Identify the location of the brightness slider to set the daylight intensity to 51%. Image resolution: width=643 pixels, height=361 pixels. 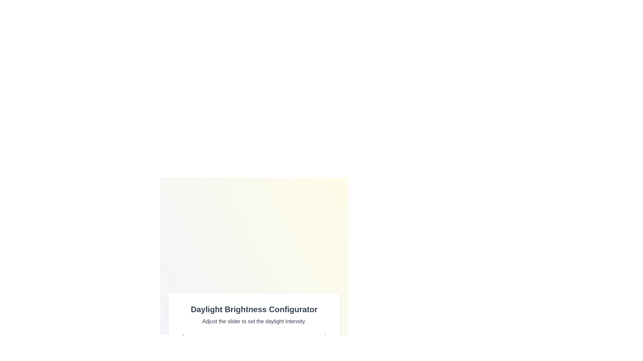
(255, 353).